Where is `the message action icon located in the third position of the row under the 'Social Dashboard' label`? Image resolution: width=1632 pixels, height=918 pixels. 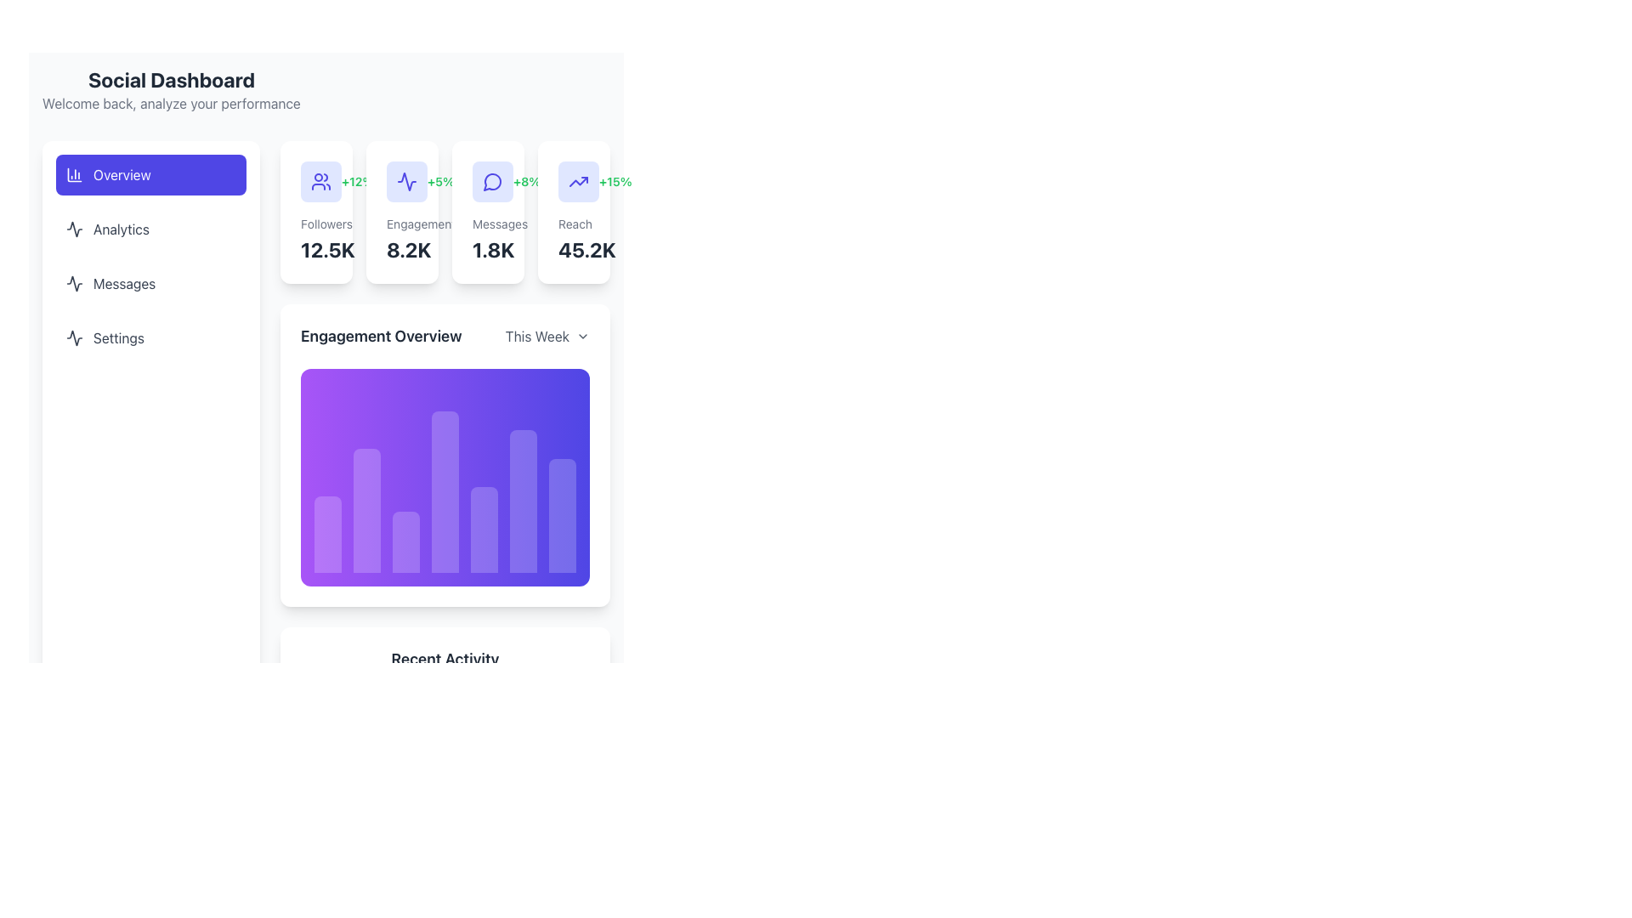 the message action icon located in the third position of the row under the 'Social Dashboard' label is located at coordinates (492, 181).